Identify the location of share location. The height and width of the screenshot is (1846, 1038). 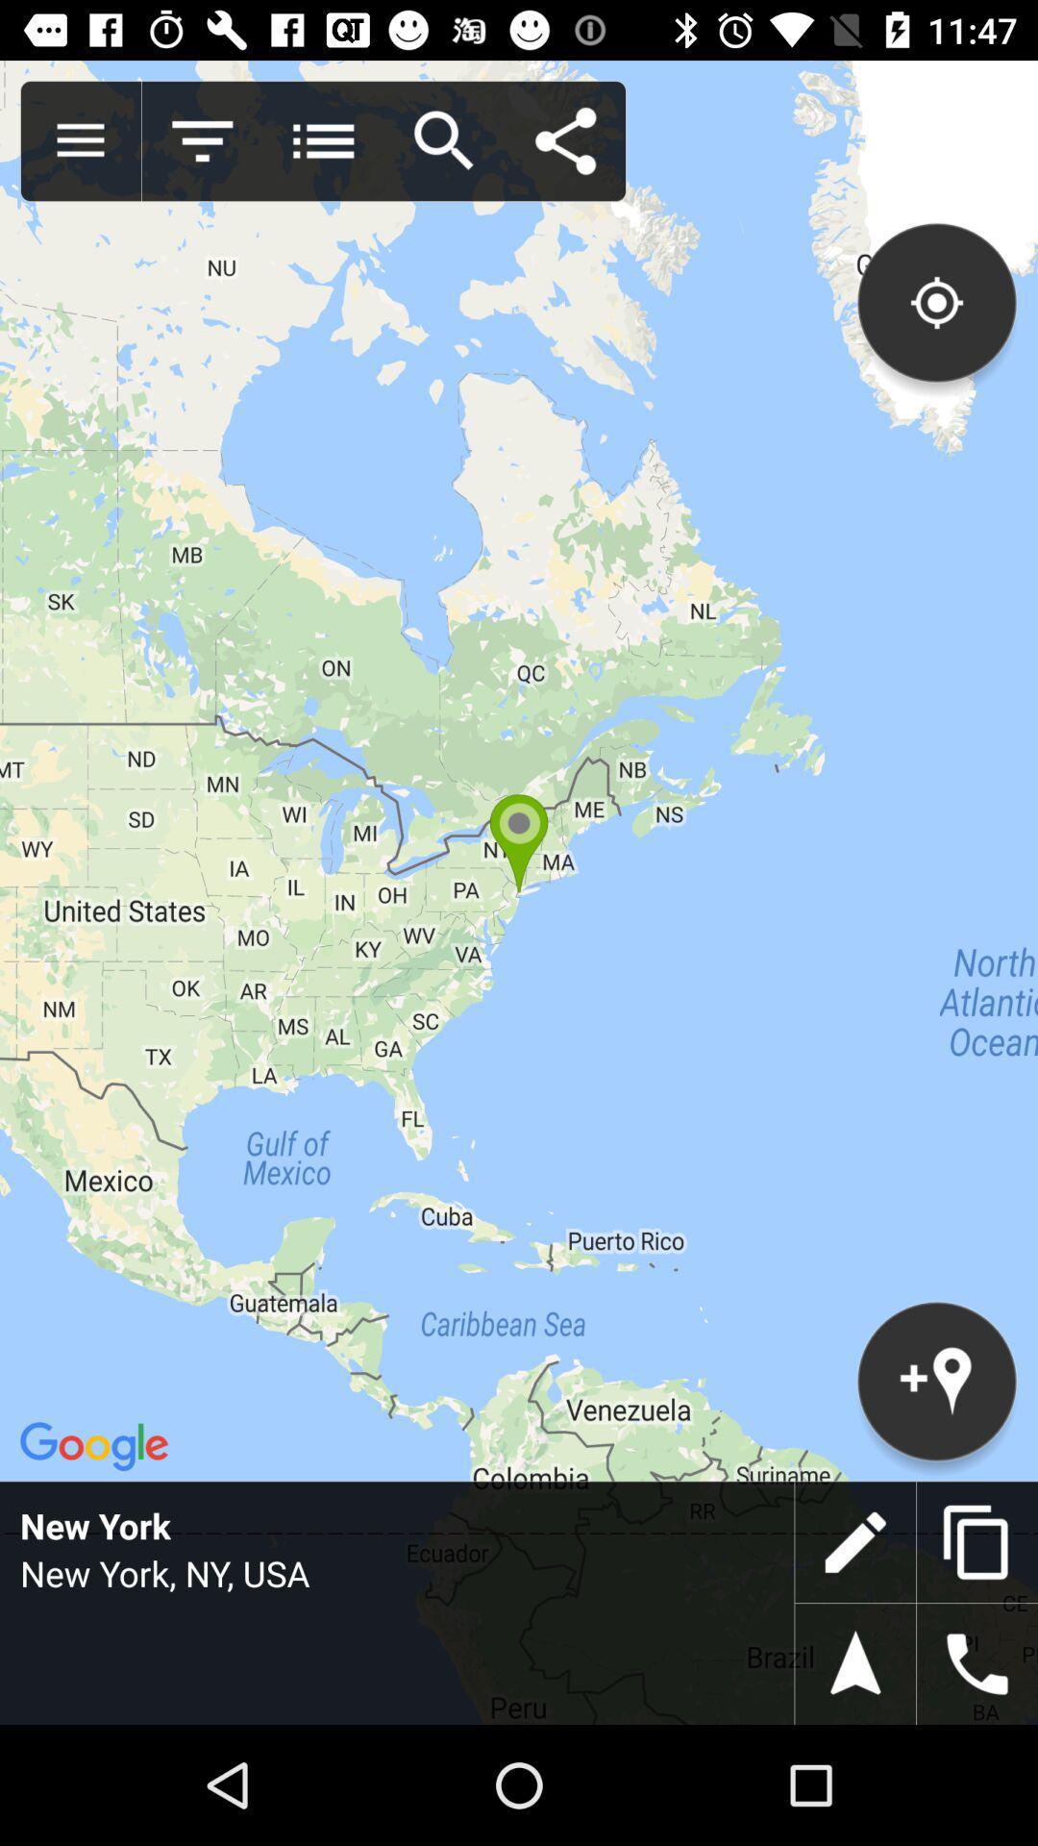
(564, 140).